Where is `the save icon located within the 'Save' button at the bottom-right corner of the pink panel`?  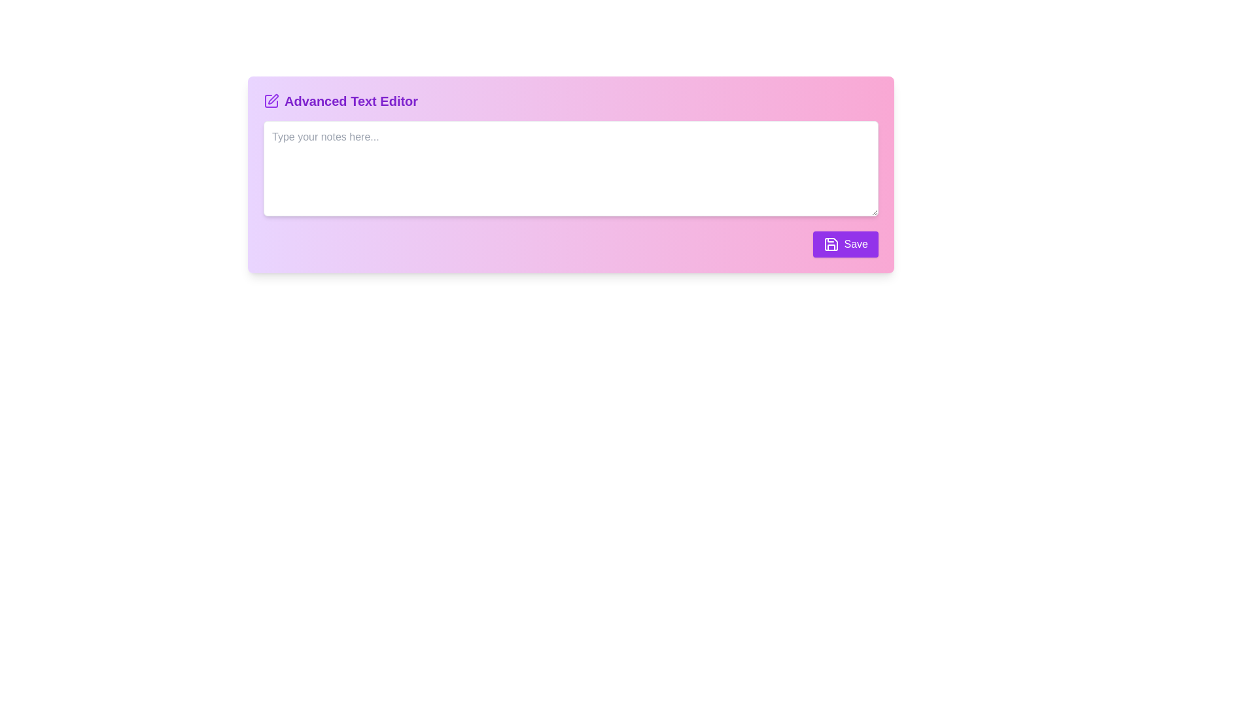
the save icon located within the 'Save' button at the bottom-right corner of the pink panel is located at coordinates (830, 244).